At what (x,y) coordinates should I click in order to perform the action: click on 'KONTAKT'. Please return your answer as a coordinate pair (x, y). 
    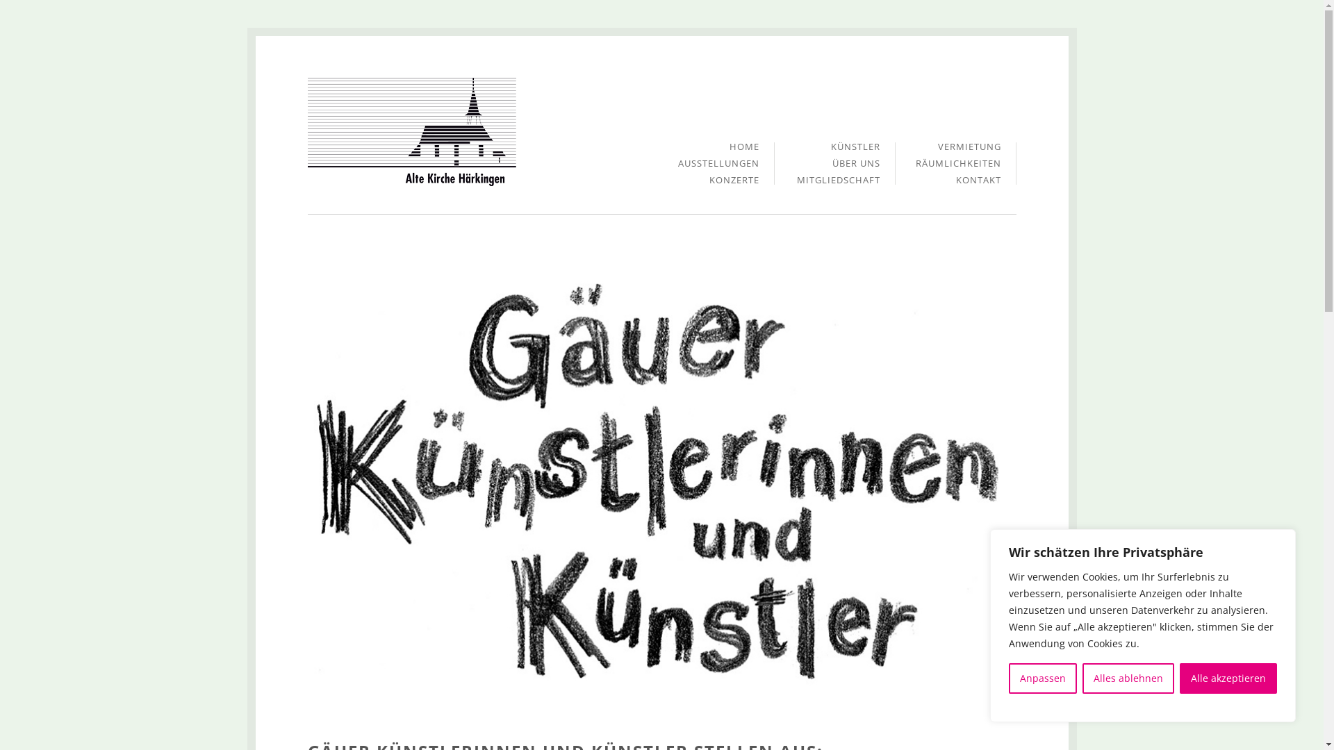
    Looking at the image, I should click on (978, 179).